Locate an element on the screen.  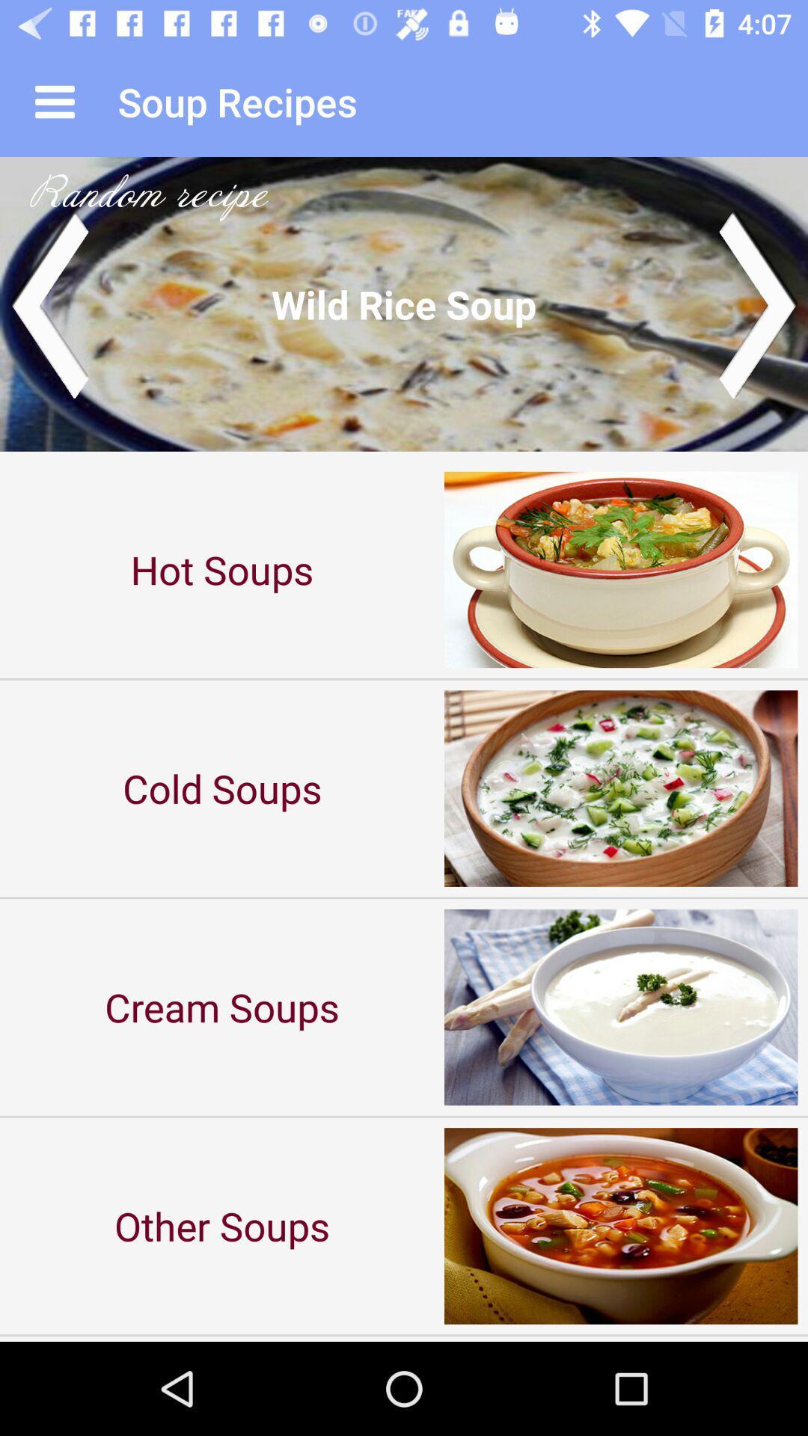
other soups icon is located at coordinates (222, 1226).